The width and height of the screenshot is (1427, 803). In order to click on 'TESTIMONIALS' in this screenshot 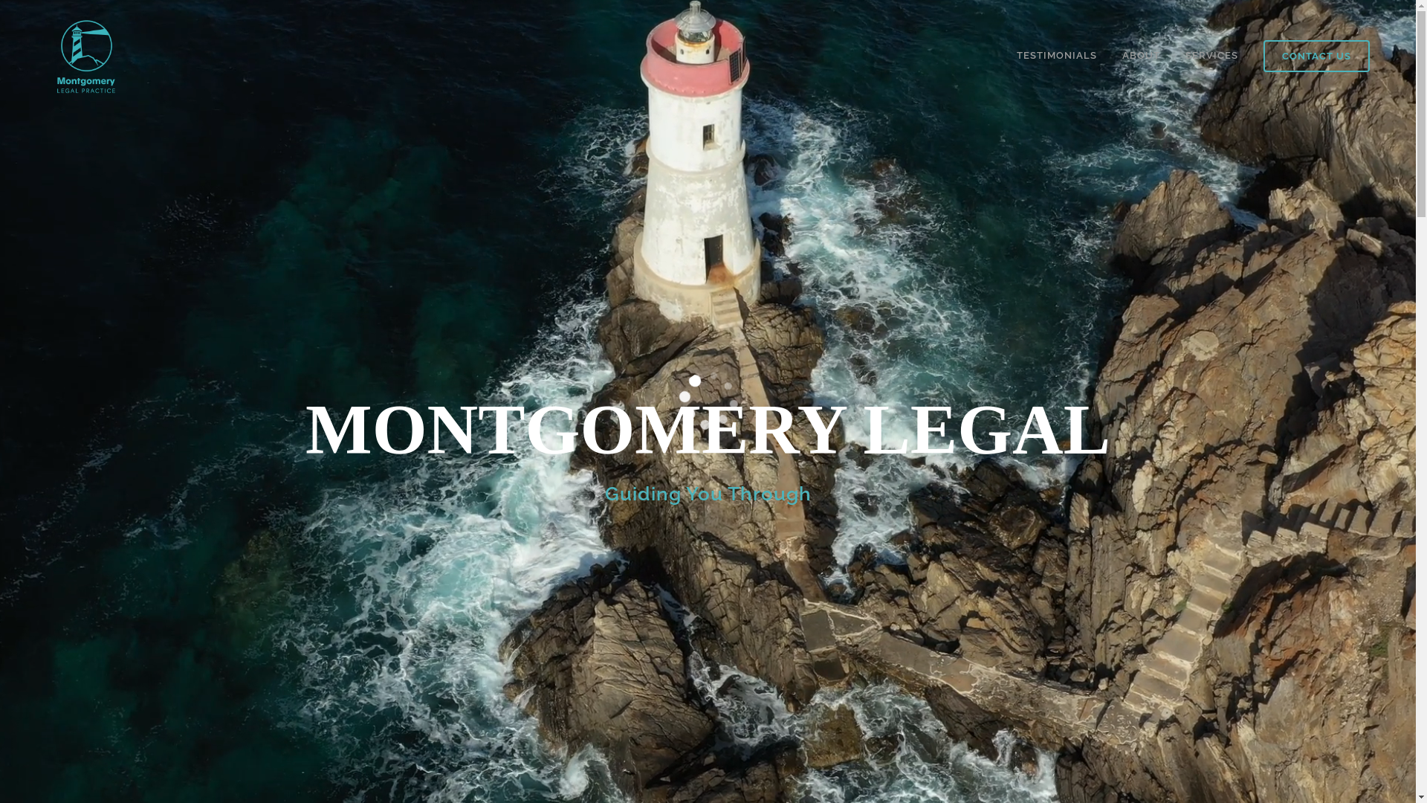, I will do `click(1055, 54)`.